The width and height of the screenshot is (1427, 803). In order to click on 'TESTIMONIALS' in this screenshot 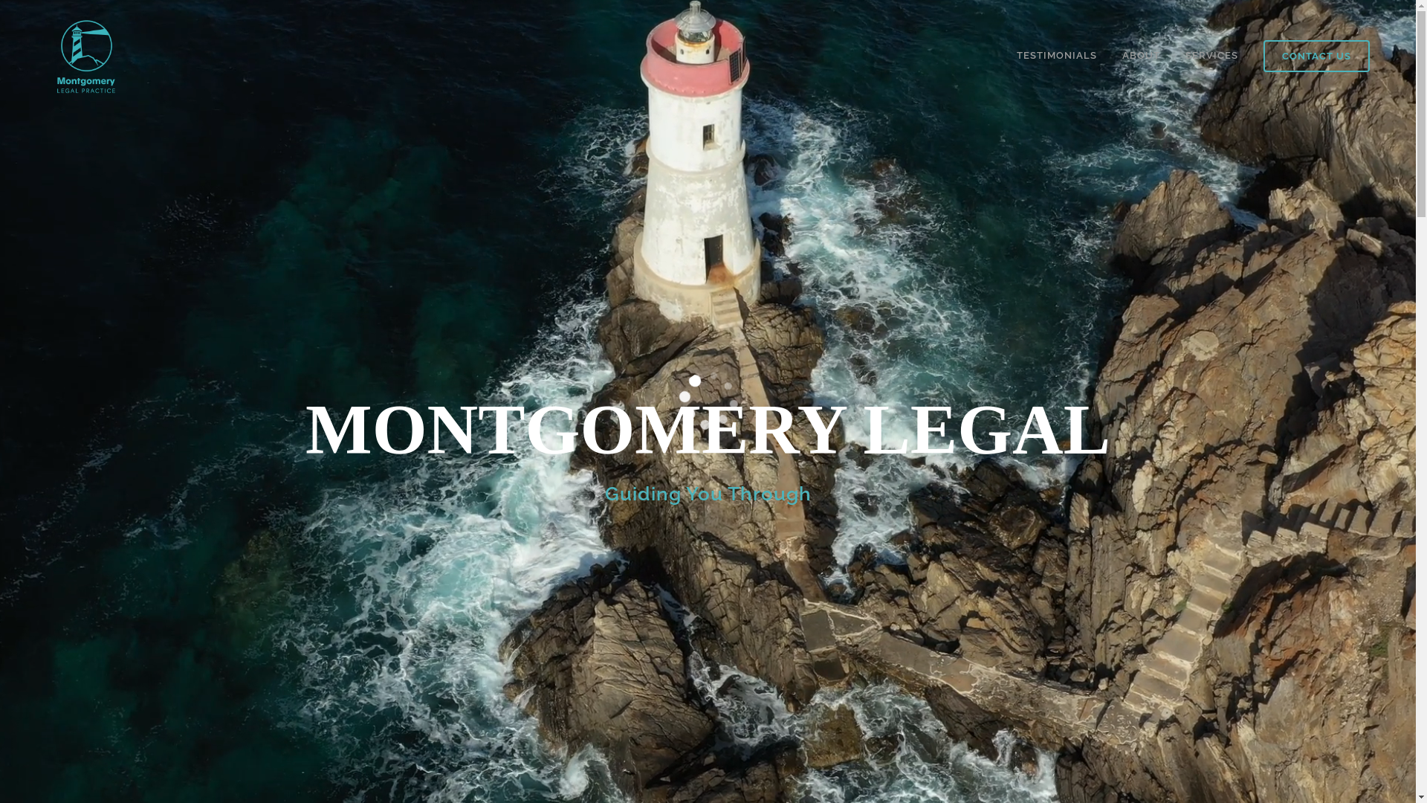, I will do `click(1055, 54)`.